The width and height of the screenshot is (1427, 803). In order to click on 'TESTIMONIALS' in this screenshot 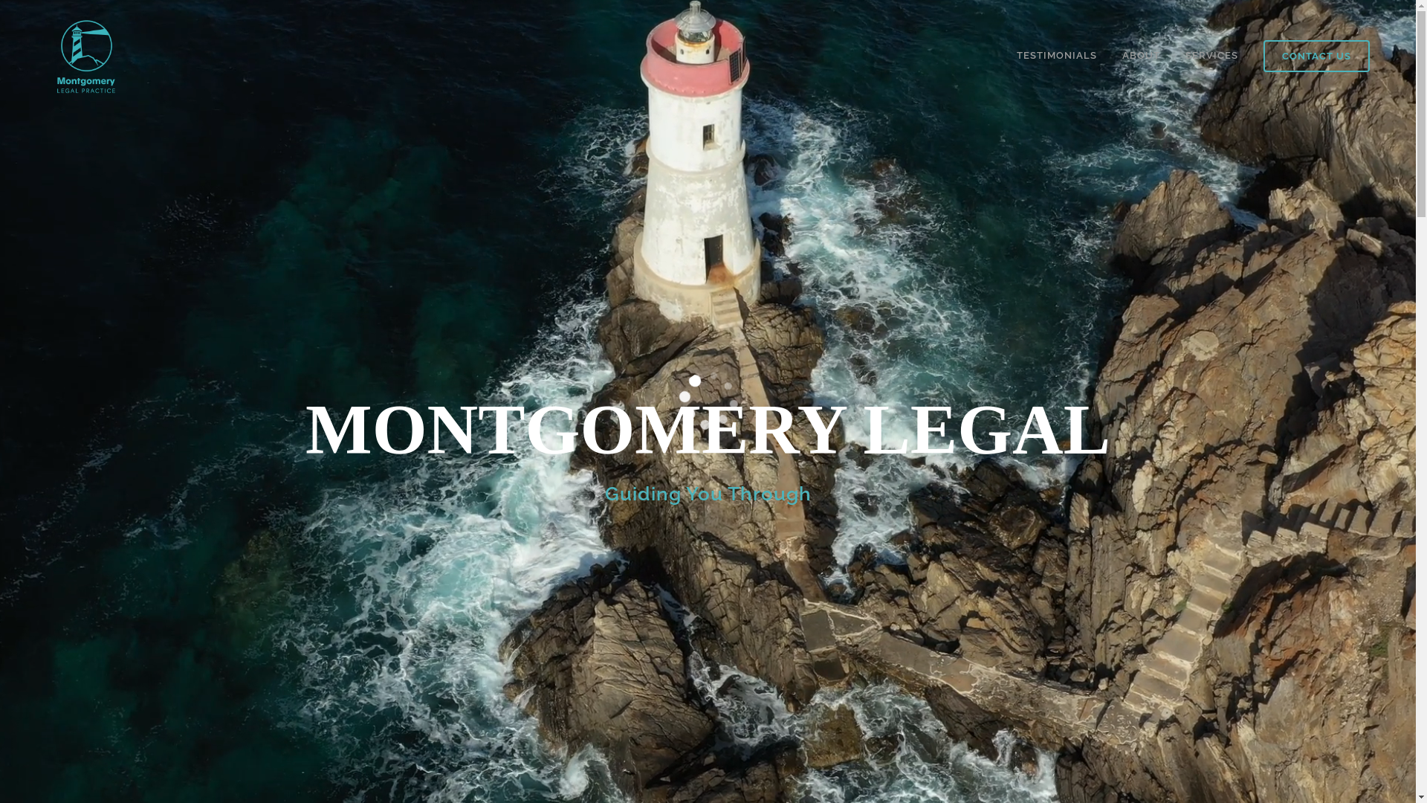, I will do `click(1055, 54)`.